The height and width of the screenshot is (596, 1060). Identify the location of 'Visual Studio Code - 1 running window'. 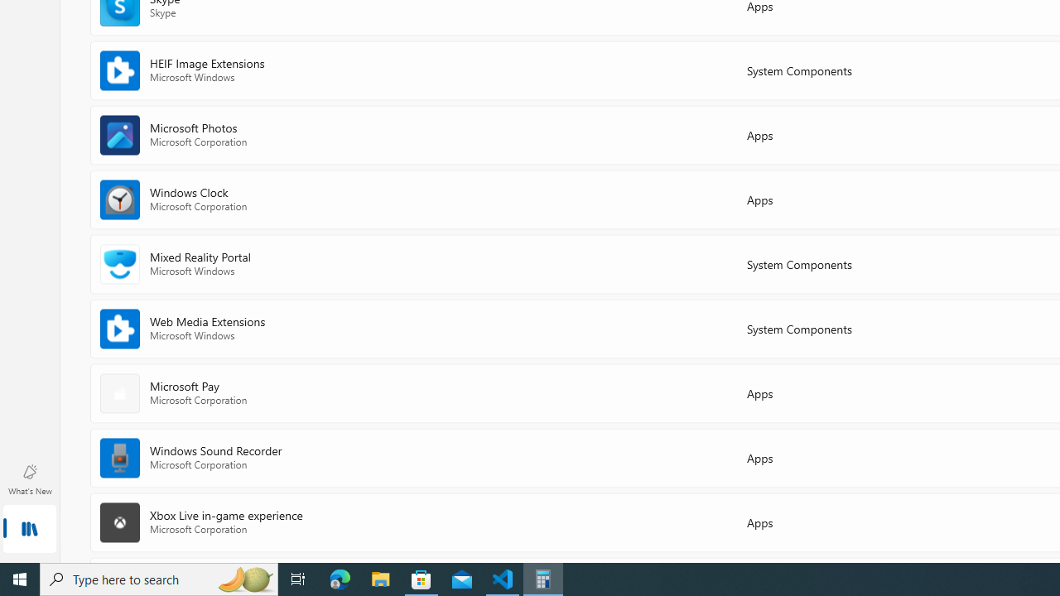
(502, 578).